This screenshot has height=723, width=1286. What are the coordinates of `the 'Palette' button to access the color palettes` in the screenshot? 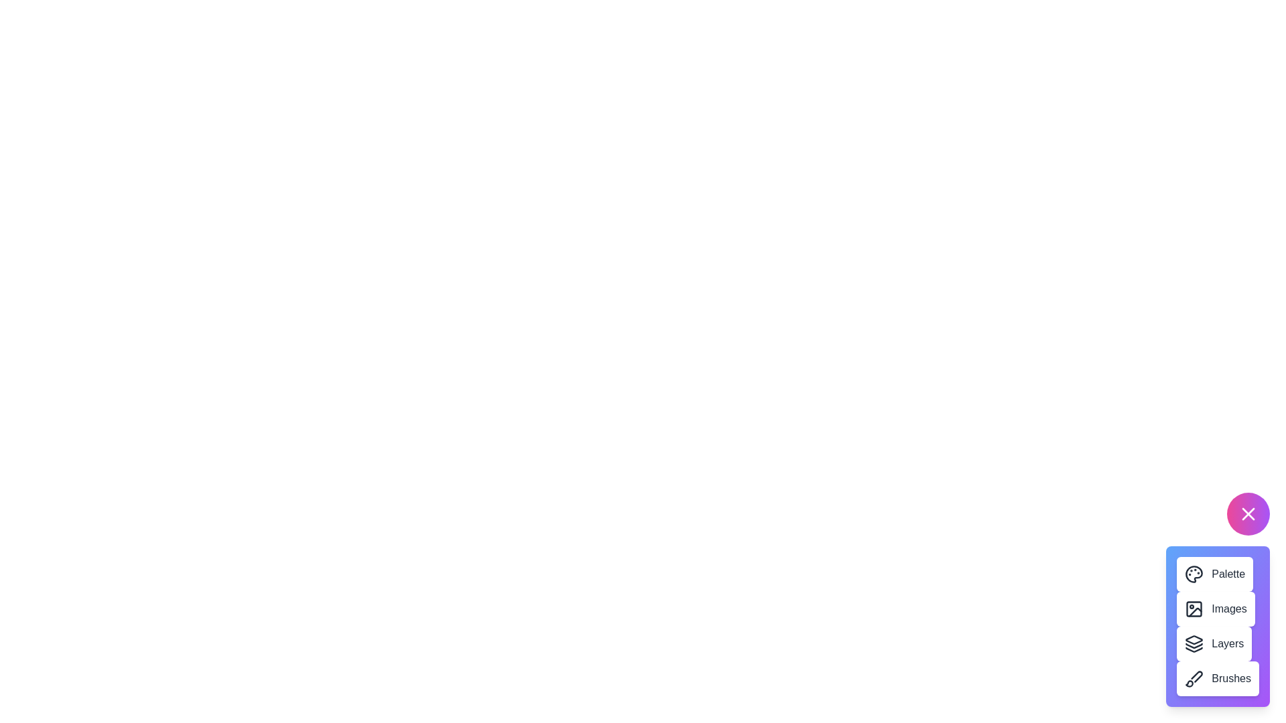 It's located at (1215, 573).